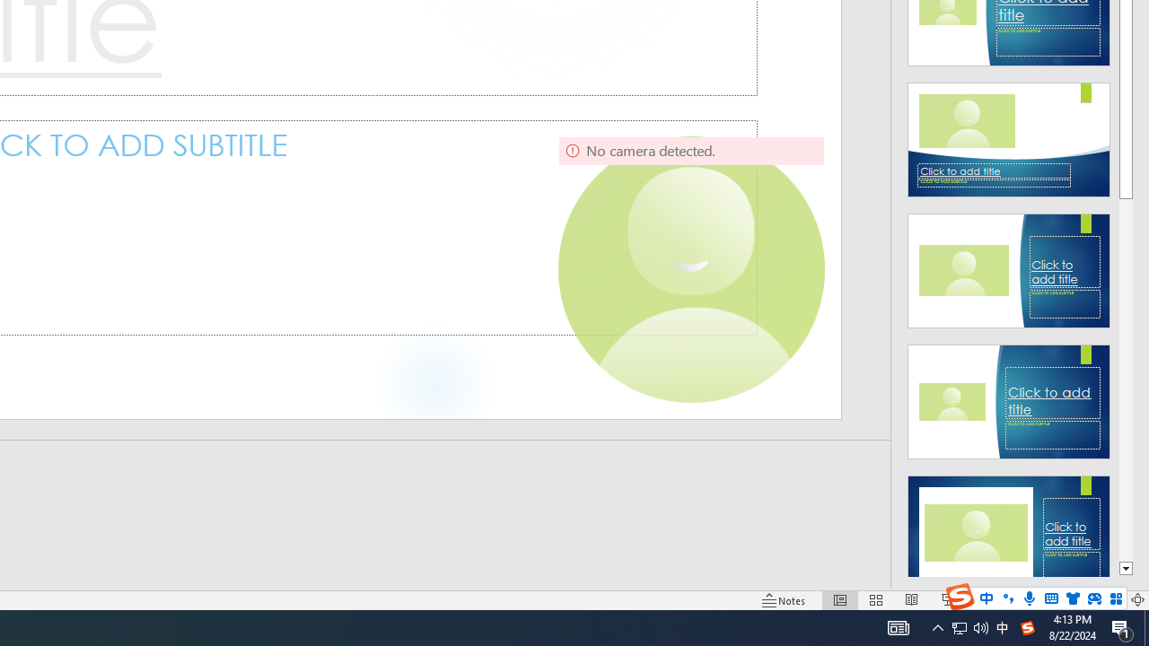 The width and height of the screenshot is (1149, 646). What do you see at coordinates (876, 600) in the screenshot?
I see `'Slide Sorter'` at bounding box center [876, 600].